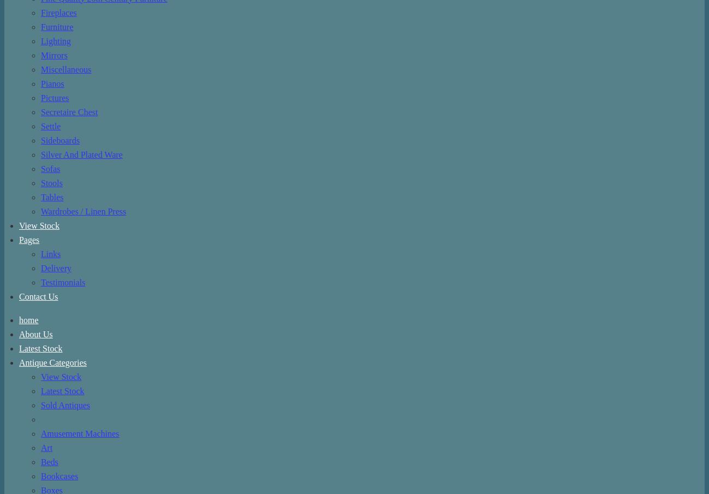 This screenshot has height=494, width=709. Describe the element at coordinates (41, 476) in the screenshot. I see `'Bookcases'` at that location.